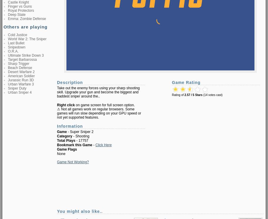 The width and height of the screenshot is (268, 219). I want to click on '- 17757', so click(81, 141).